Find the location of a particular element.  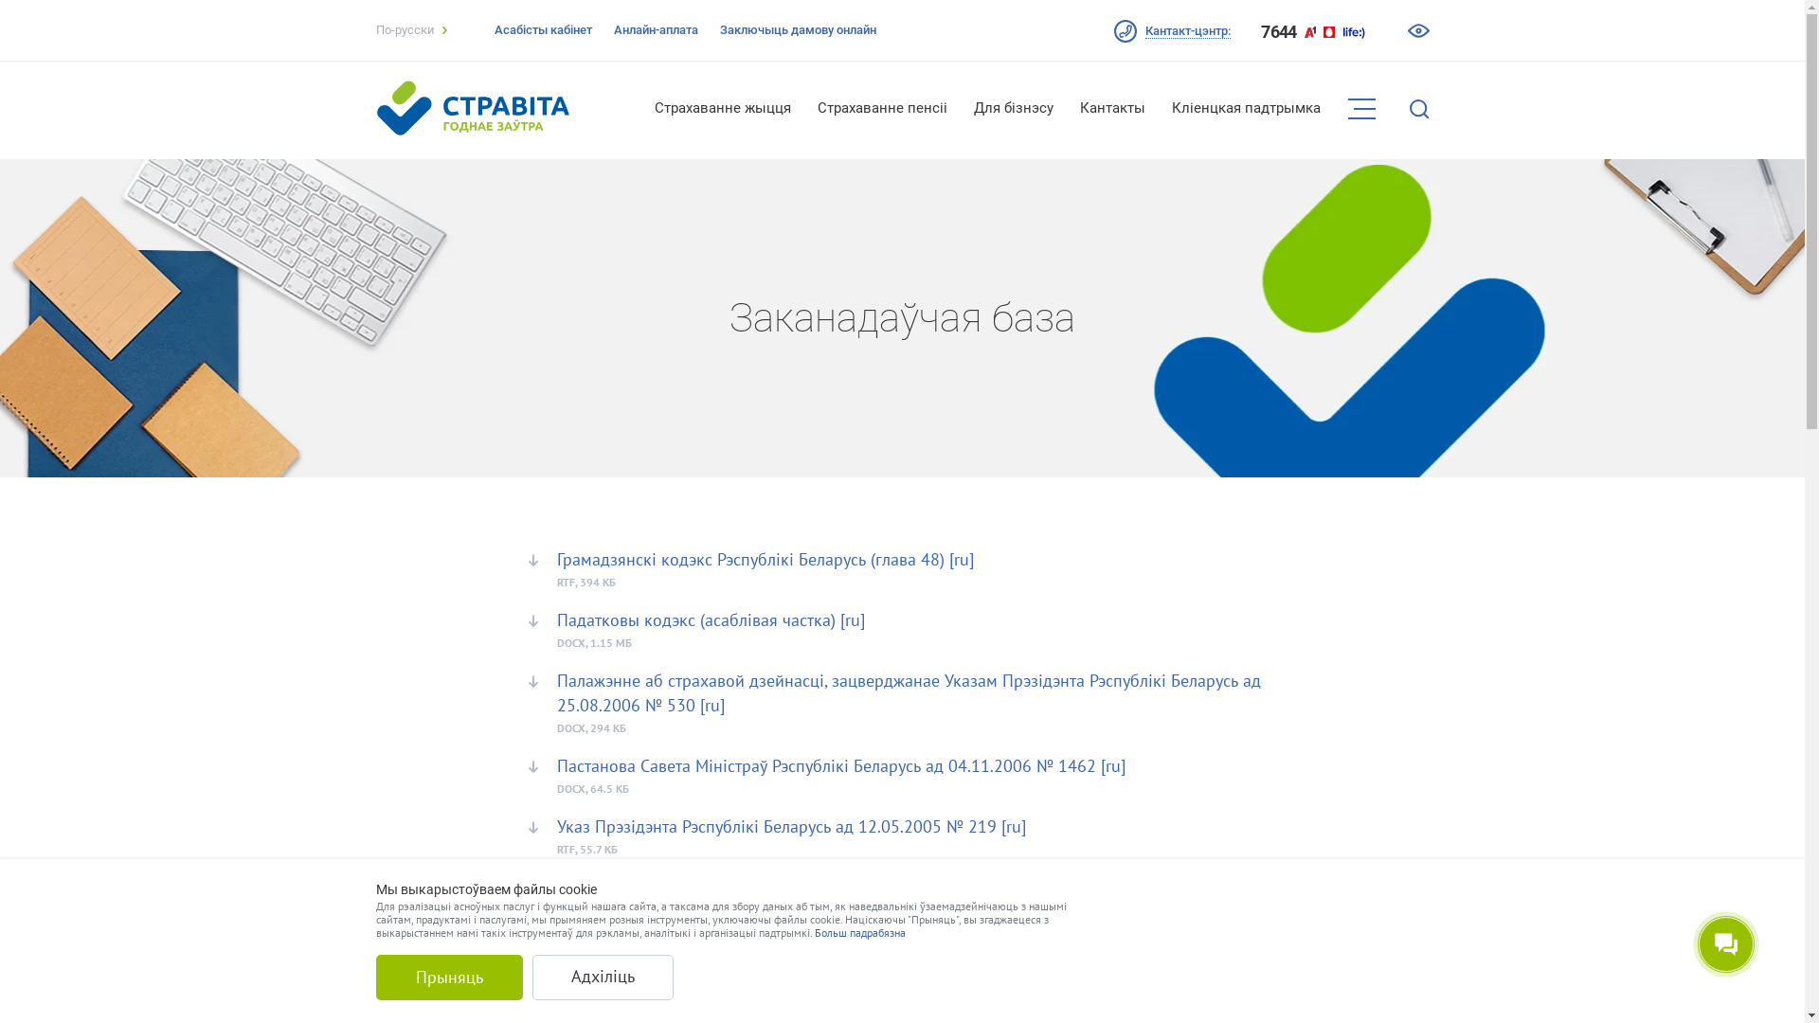

'7644' is located at coordinates (1278, 32).